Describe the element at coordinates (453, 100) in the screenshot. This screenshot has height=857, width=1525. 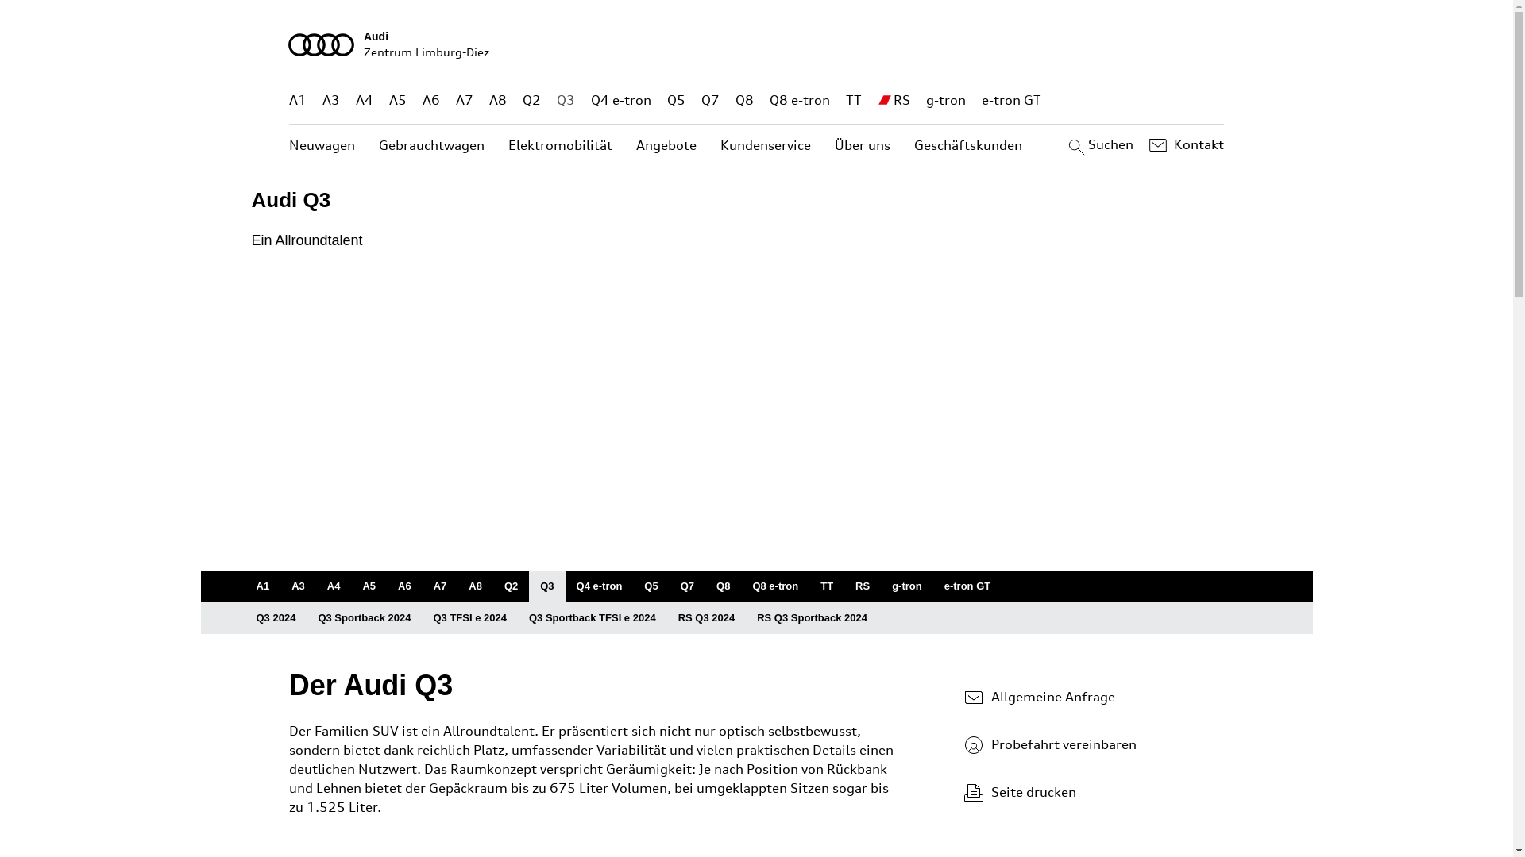
I see `'A7'` at that location.